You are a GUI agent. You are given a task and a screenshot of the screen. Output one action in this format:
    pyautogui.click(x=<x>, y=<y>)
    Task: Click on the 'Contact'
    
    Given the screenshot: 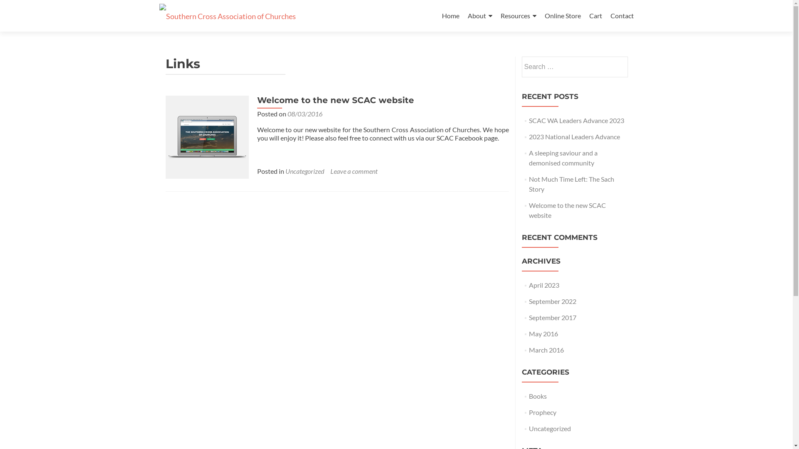 What is the action you would take?
    pyautogui.click(x=621, y=15)
    